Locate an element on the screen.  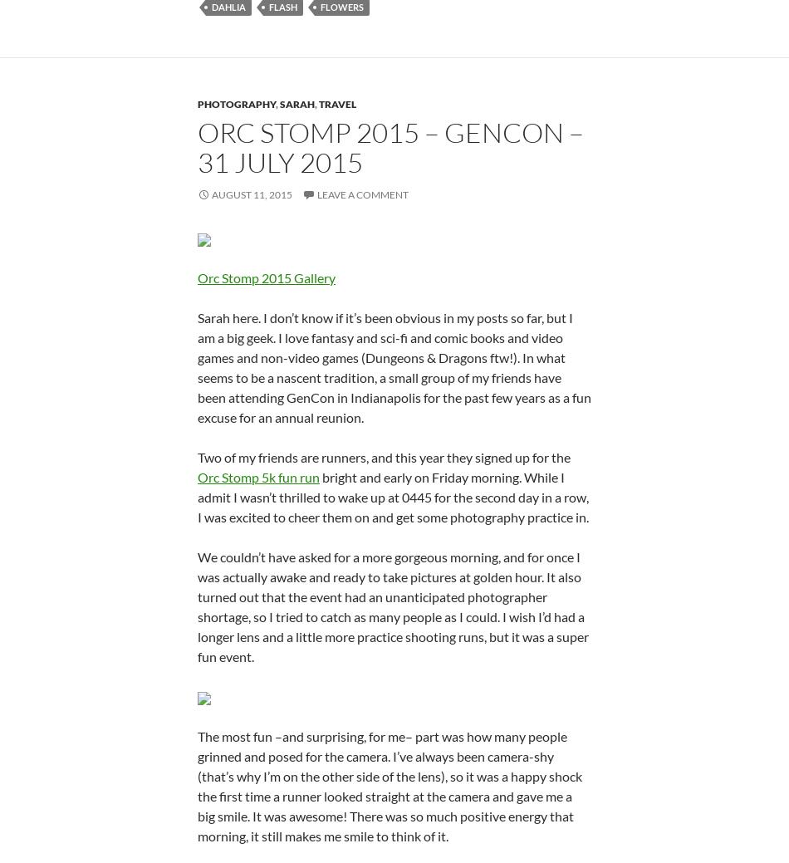
'Orc Stomp 2015 Gallery' is located at coordinates (266, 277).